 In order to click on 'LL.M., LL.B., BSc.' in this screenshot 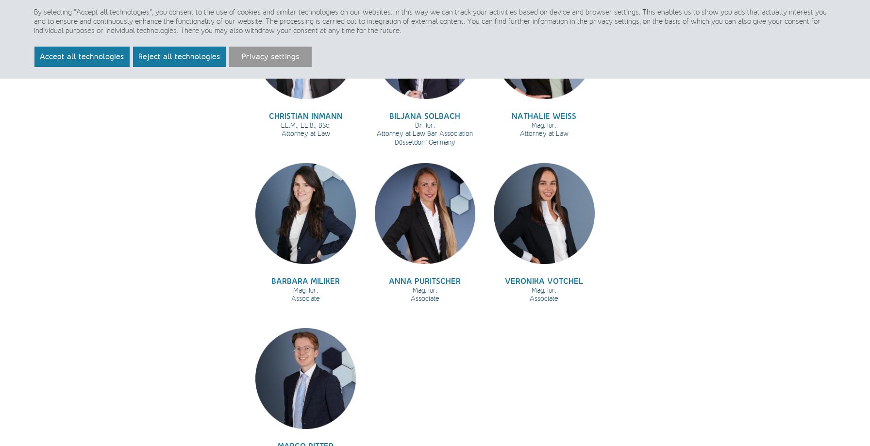, I will do `click(305, 125)`.